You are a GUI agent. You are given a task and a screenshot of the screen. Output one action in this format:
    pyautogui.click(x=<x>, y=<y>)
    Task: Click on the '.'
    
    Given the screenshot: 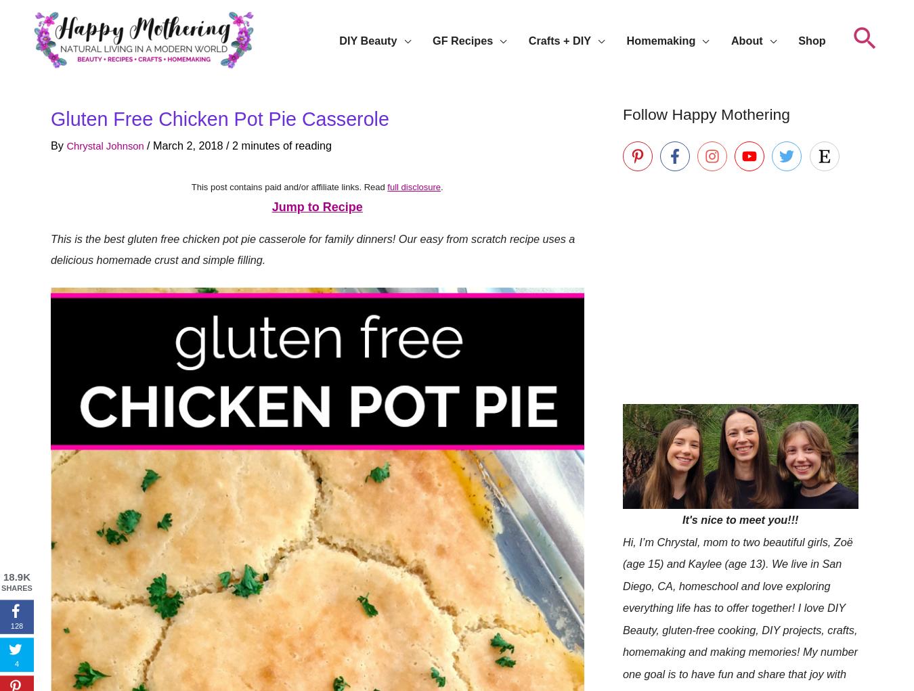 What is the action you would take?
    pyautogui.click(x=441, y=185)
    